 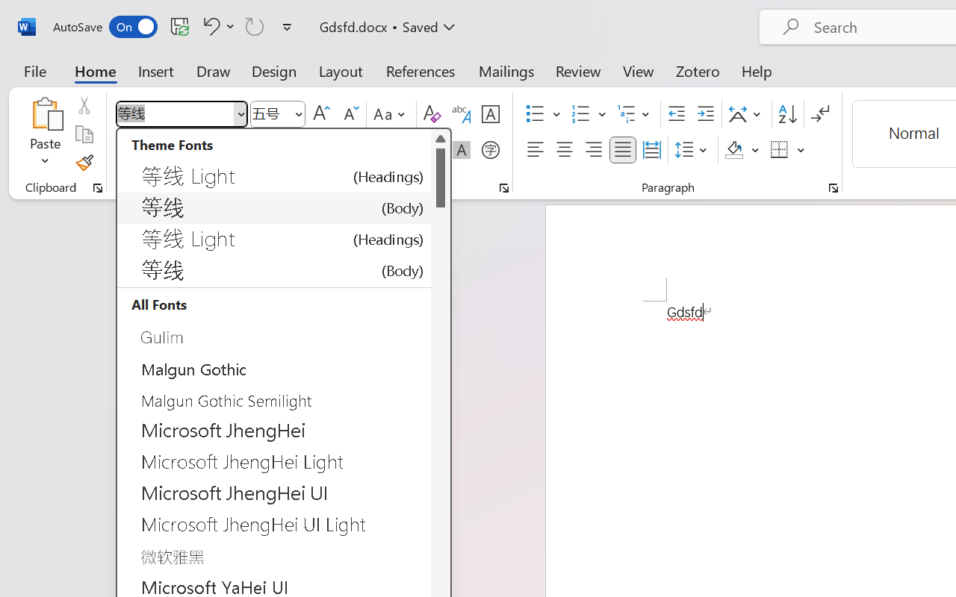 What do you see at coordinates (274, 462) in the screenshot?
I see `'Microsoft JhengHei Light'` at bounding box center [274, 462].